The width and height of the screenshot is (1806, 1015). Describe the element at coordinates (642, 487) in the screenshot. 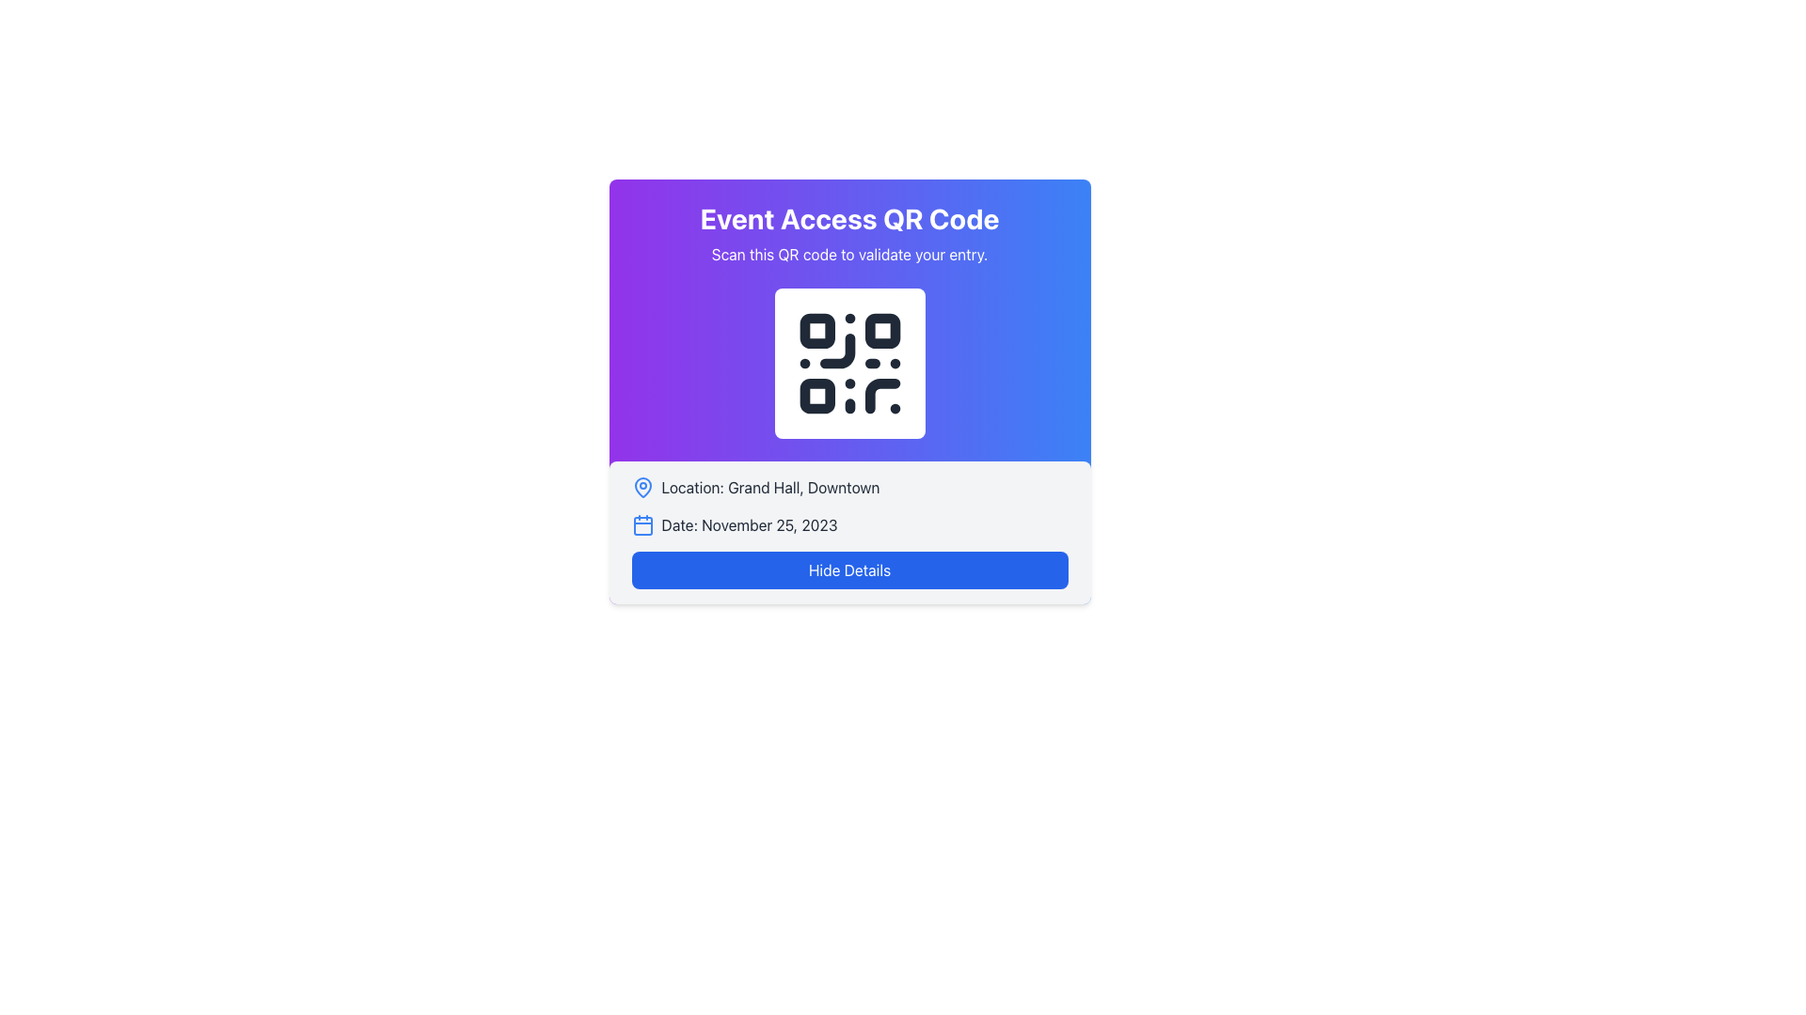

I see `the blue-colored pin icon that resembles a map location indicator, located beside the text 'Location: Grand Hall, Downtown' in the bottom-left quadrant of the card` at that location.